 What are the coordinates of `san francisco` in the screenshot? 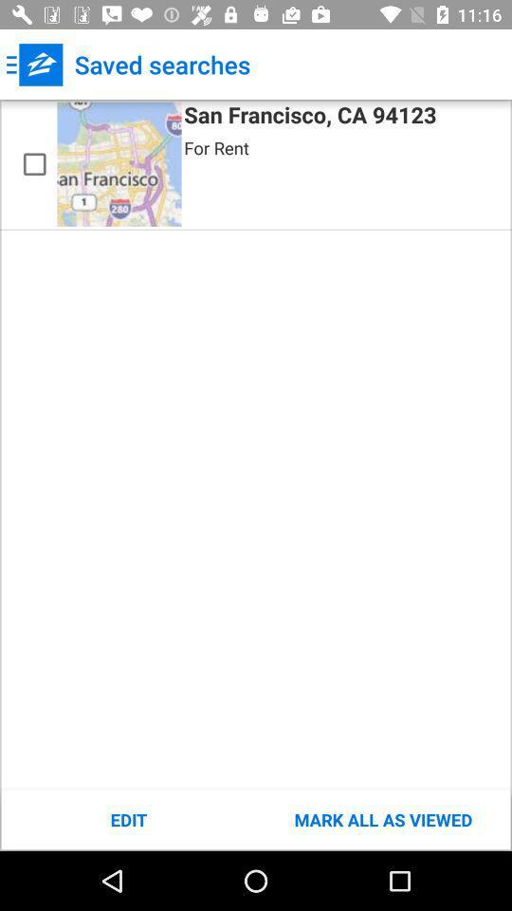 It's located at (34, 163).